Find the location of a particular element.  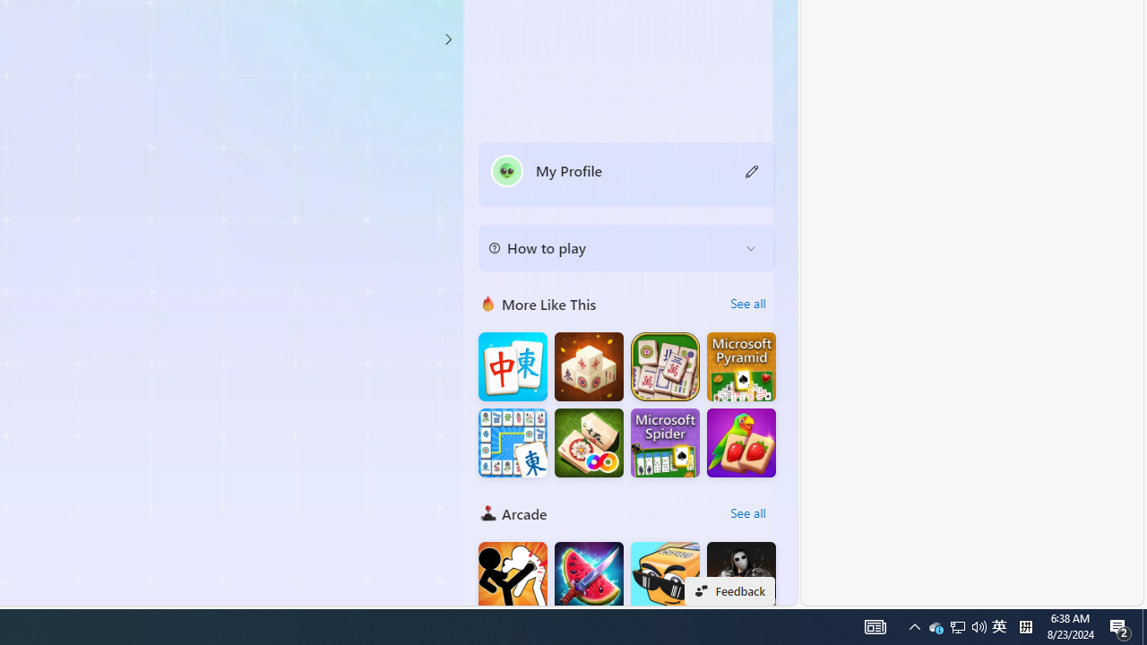

'Stickman Fighter : Mega Brawl' is located at coordinates (512, 576).